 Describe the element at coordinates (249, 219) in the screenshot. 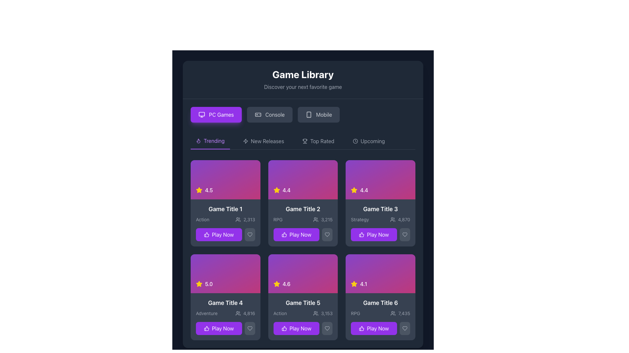

I see `the static text displaying the numeric value '2,313' in light gray color, located near the bottom of the card interface under the title 'Game Title 1'` at that location.